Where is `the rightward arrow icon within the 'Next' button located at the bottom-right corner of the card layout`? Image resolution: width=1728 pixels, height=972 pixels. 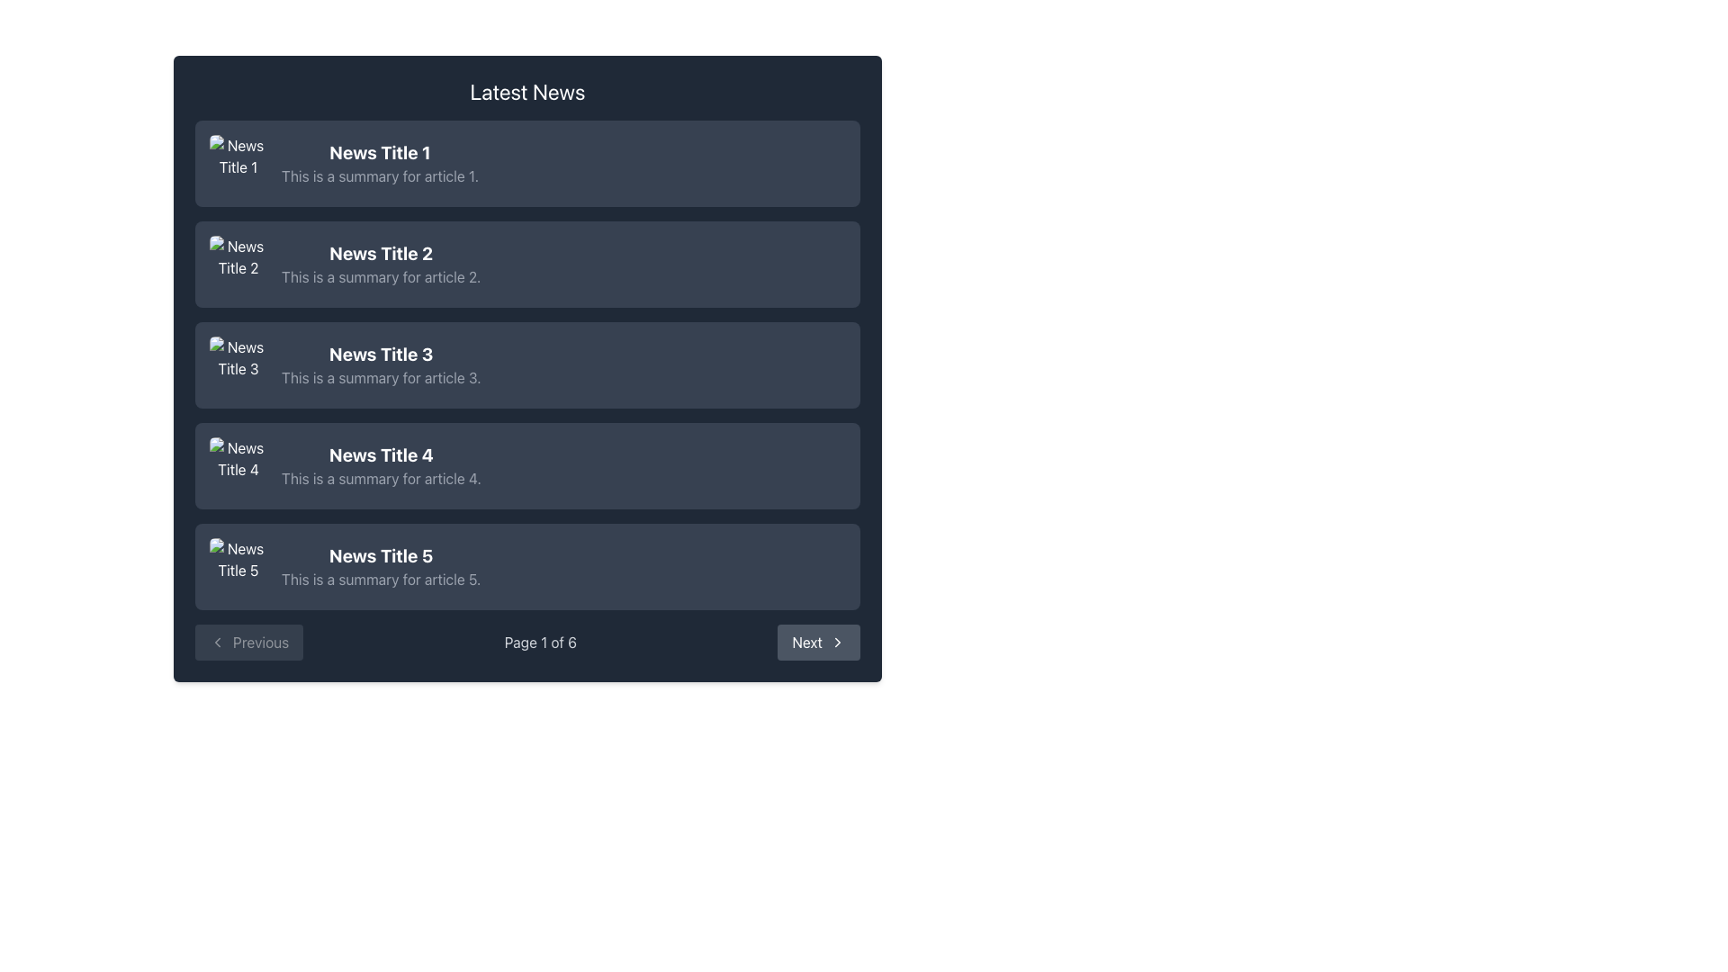 the rightward arrow icon within the 'Next' button located at the bottom-right corner of the card layout is located at coordinates (837, 641).